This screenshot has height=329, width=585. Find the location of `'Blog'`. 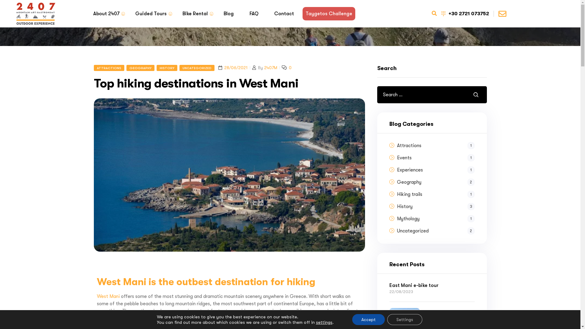

'Blog' is located at coordinates (228, 14).